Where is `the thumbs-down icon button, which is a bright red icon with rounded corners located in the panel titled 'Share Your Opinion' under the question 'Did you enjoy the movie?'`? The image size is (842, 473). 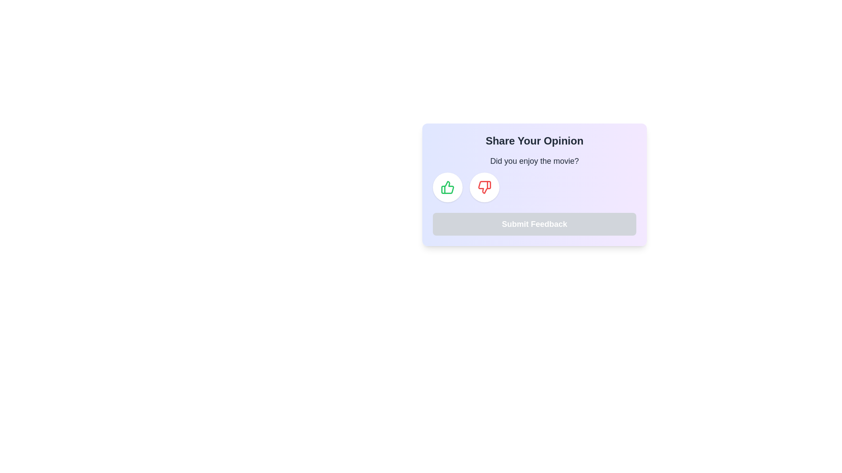
the thumbs-down icon button, which is a bright red icon with rounded corners located in the panel titled 'Share Your Opinion' under the question 'Did you enjoy the movie?' is located at coordinates (484, 187).